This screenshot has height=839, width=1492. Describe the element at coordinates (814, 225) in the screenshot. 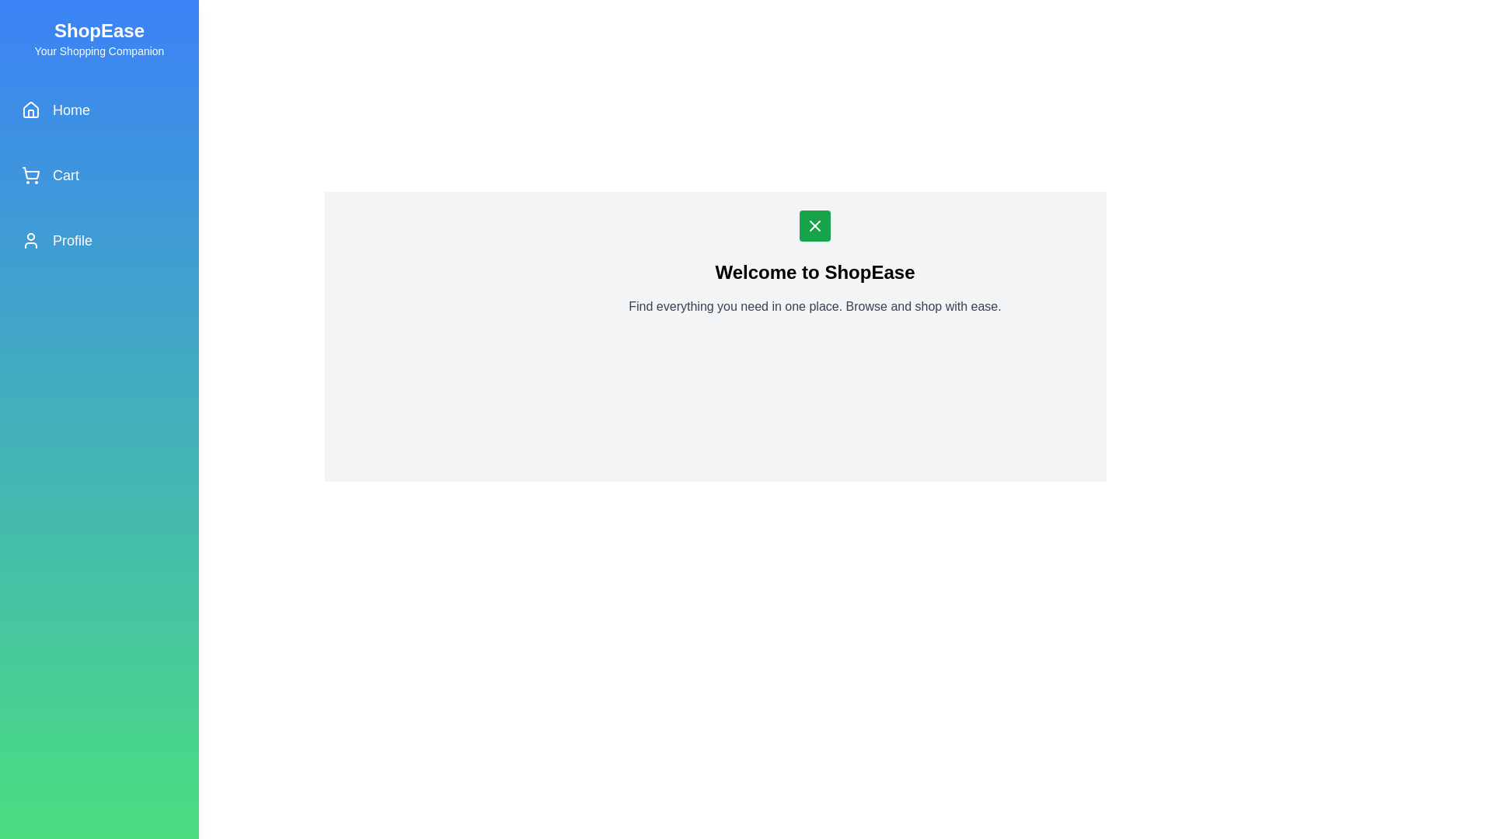

I see `the green button with a white 'x' icon` at that location.